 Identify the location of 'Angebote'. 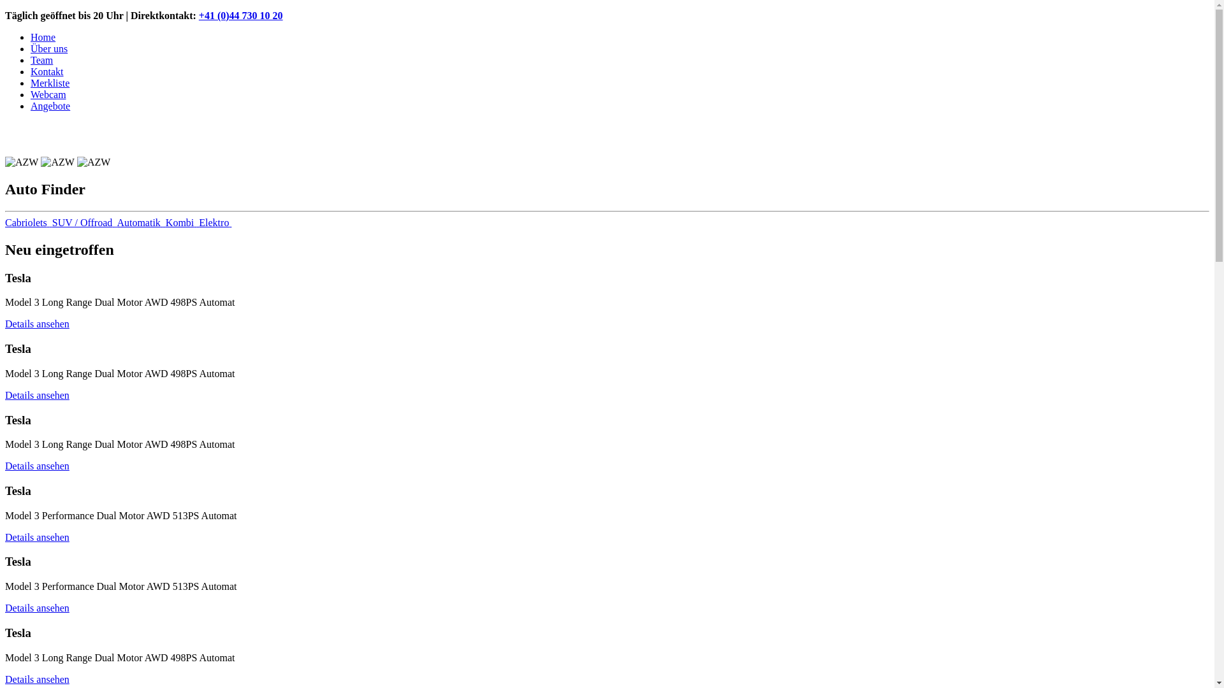
(50, 105).